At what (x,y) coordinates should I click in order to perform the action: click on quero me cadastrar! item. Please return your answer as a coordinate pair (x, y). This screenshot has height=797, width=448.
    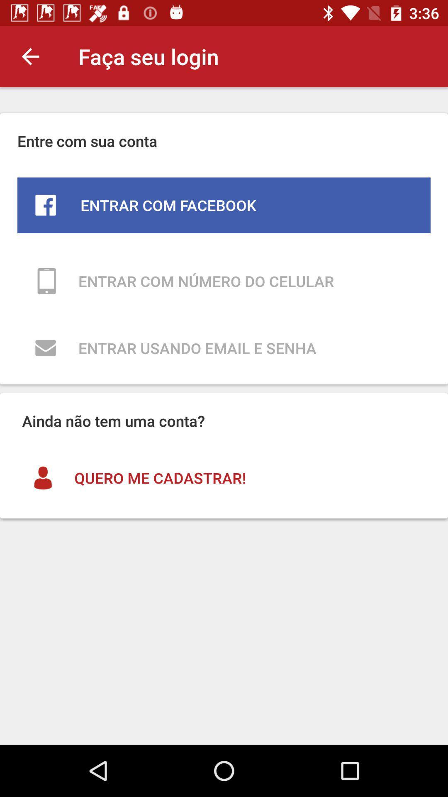
    Looking at the image, I should click on (224, 478).